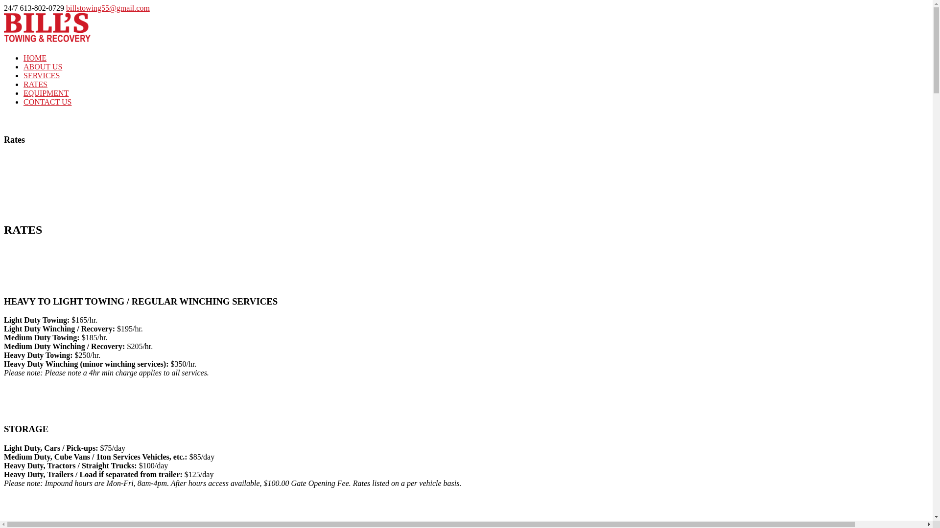  I want to click on 'SERVICES', so click(23, 75).